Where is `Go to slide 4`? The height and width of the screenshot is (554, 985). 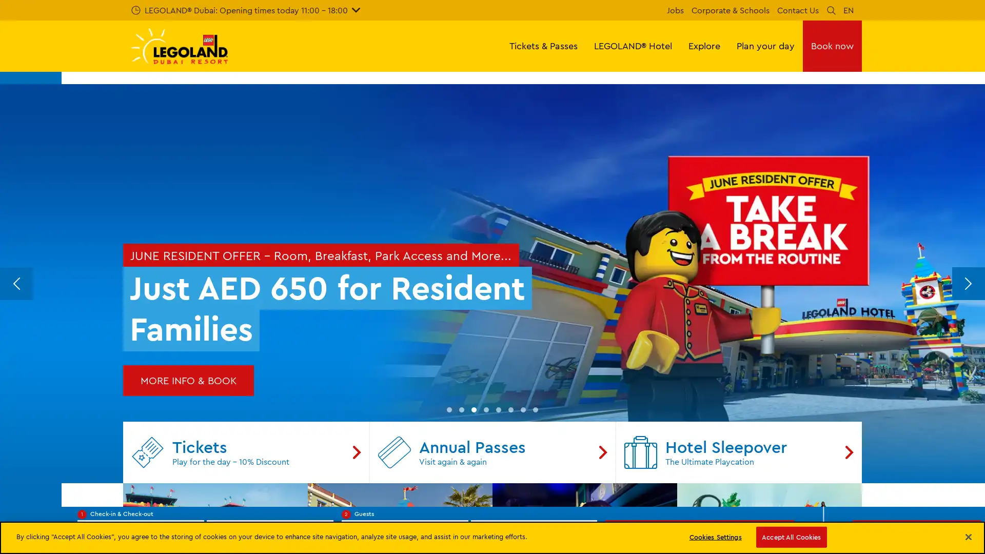
Go to slide 4 is located at coordinates (486, 409).